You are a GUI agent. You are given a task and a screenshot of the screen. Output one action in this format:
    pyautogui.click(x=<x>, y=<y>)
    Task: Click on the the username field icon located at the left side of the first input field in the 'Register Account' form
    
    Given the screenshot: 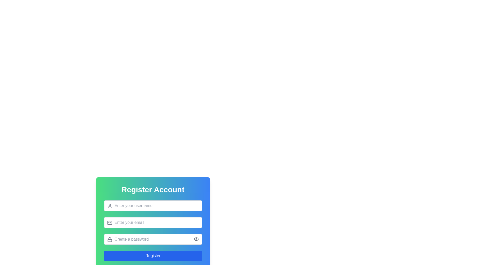 What is the action you would take?
    pyautogui.click(x=109, y=206)
    